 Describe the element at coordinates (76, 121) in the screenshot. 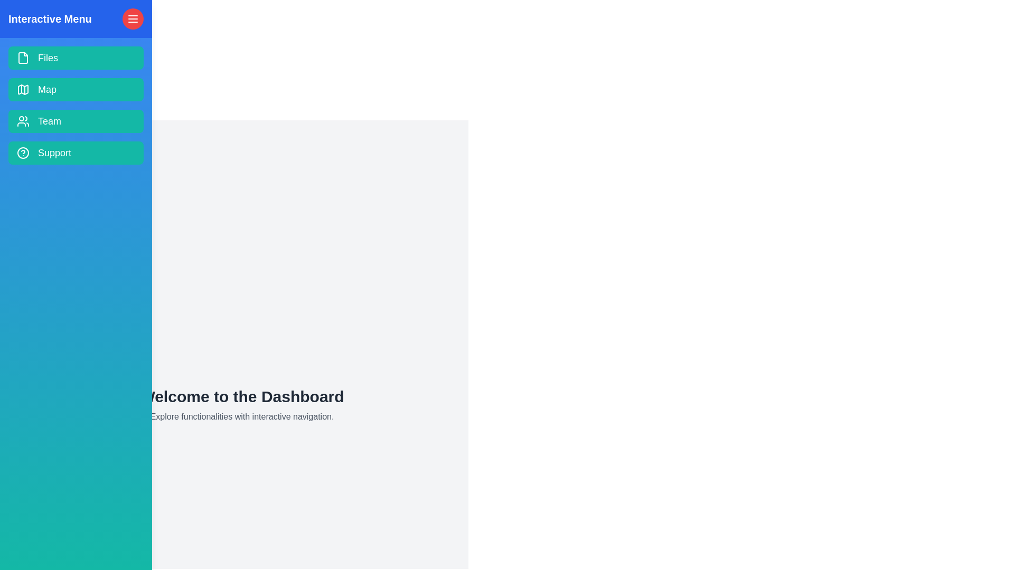

I see `the navigation item labeled Team to explore the corresponding section` at that location.